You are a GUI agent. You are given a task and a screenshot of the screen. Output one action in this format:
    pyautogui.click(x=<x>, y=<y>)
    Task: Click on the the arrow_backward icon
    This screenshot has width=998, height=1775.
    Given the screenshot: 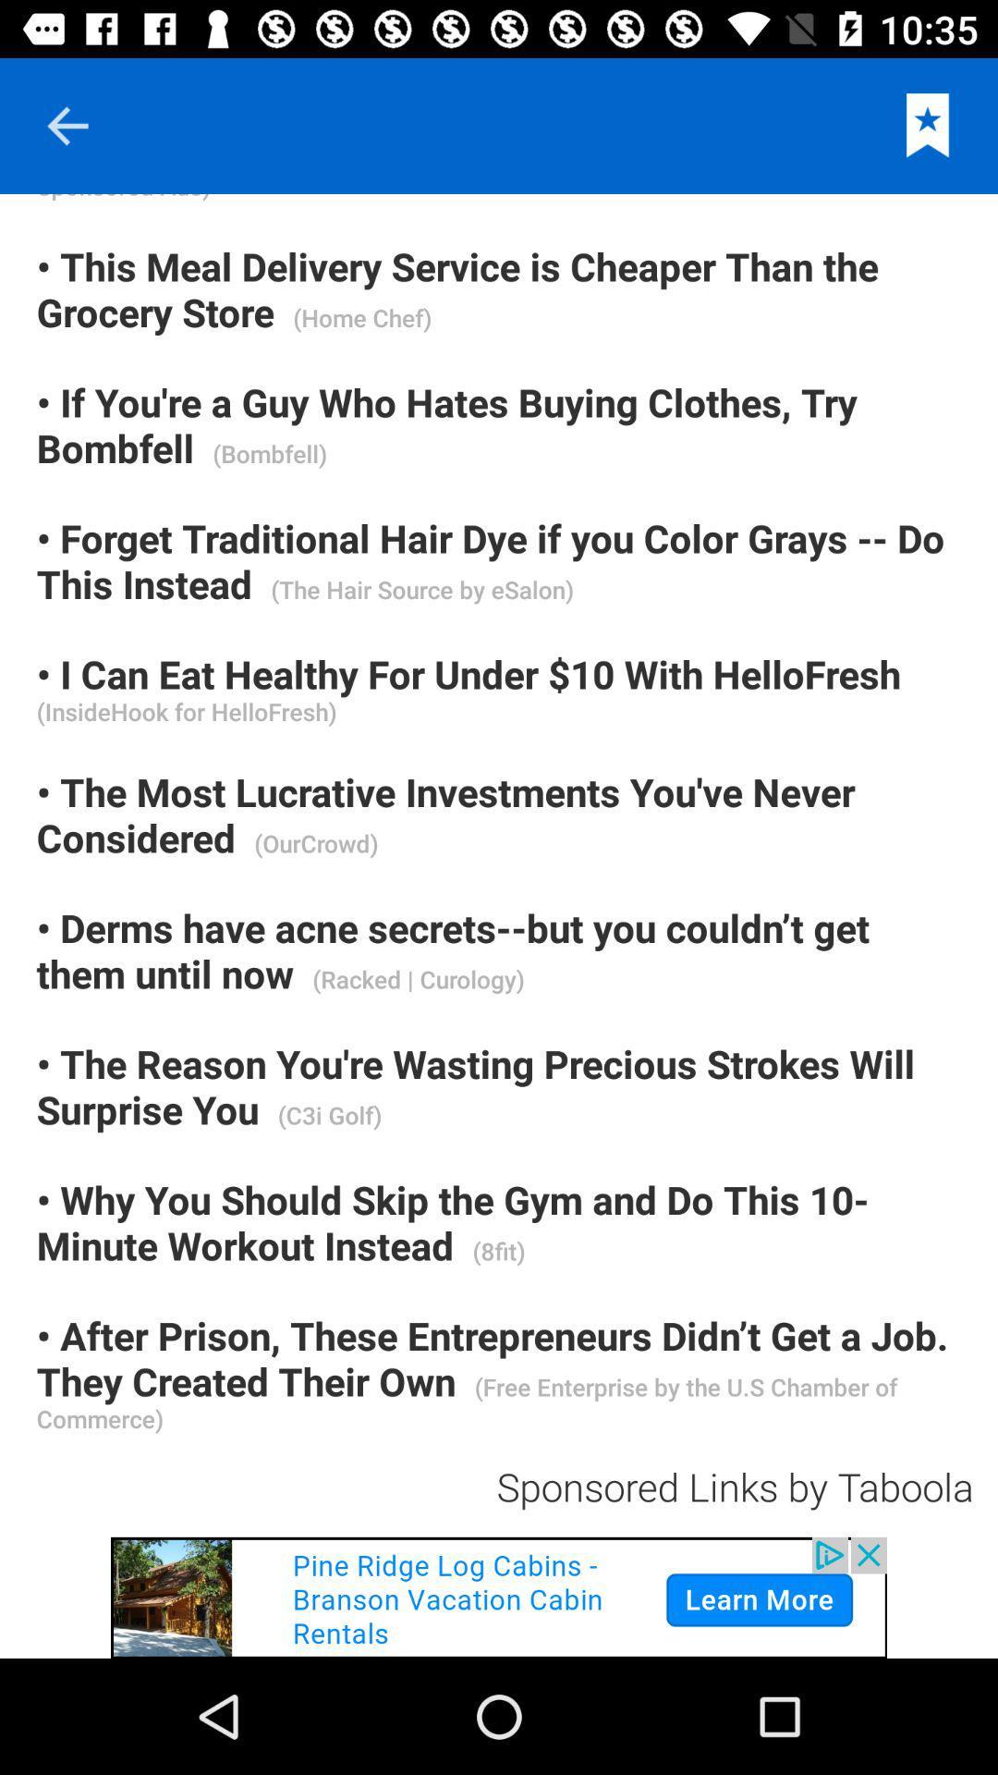 What is the action you would take?
    pyautogui.click(x=67, y=125)
    